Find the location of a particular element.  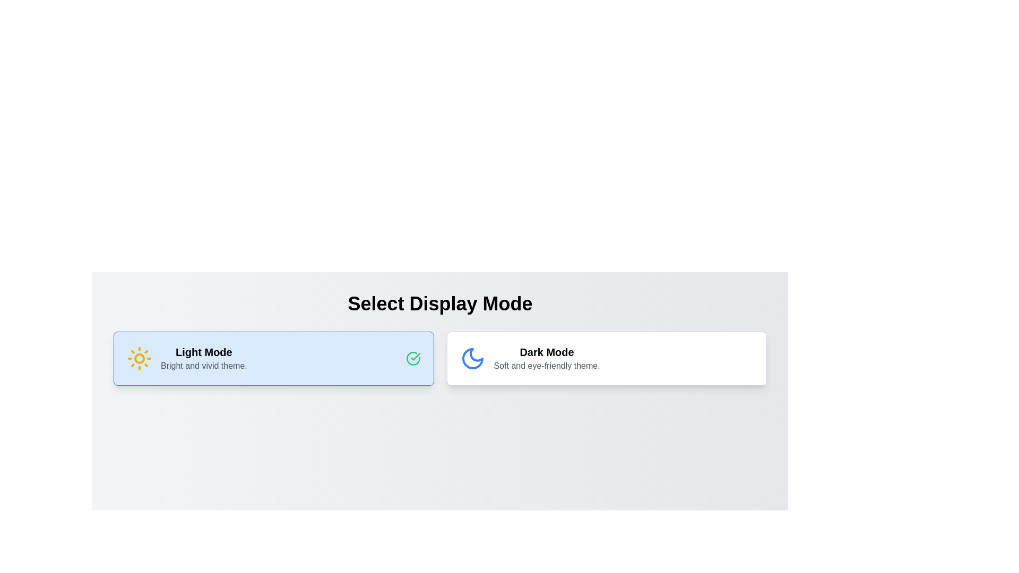

the sun icon representing 'Light Mode' located in the leftmost selection card of the 'Select Display Mode' section is located at coordinates (139, 358).